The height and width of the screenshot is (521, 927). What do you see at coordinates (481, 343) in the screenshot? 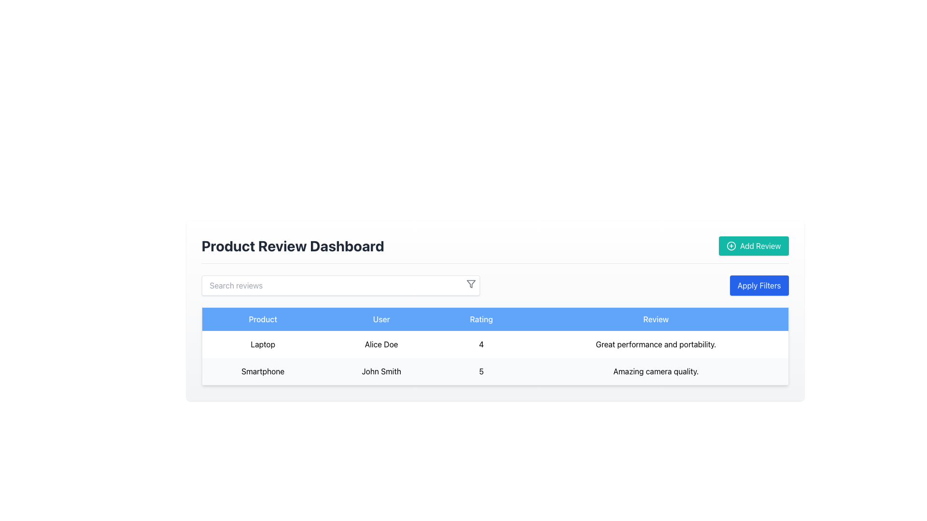
I see `the static text label displaying the number '4' in the first data row of the table under the 'Rating' header` at bounding box center [481, 343].